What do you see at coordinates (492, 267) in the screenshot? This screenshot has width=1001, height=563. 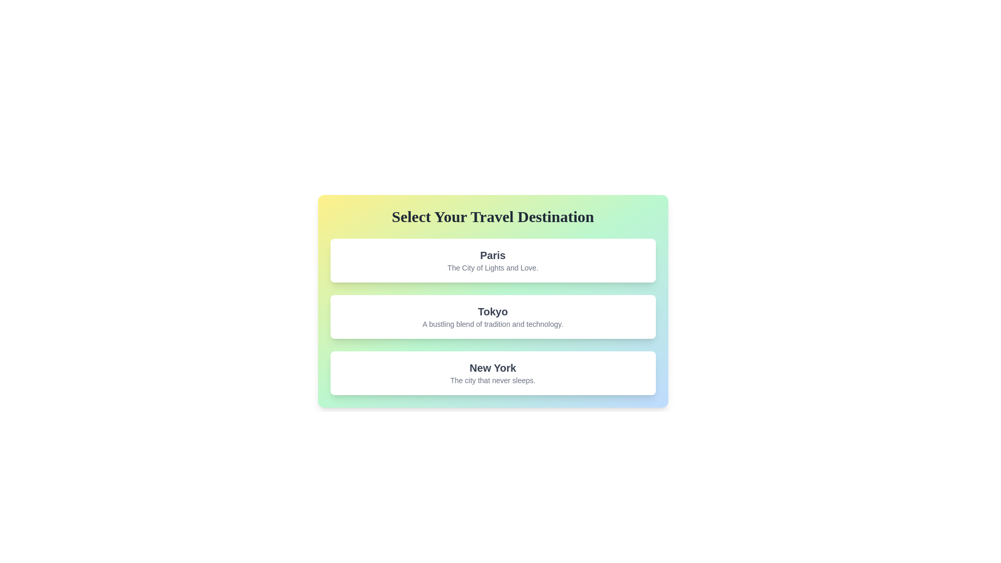 I see `the text label displaying 'The City of Lights and Love.' located beneath the bold title 'Paris'` at bounding box center [492, 267].